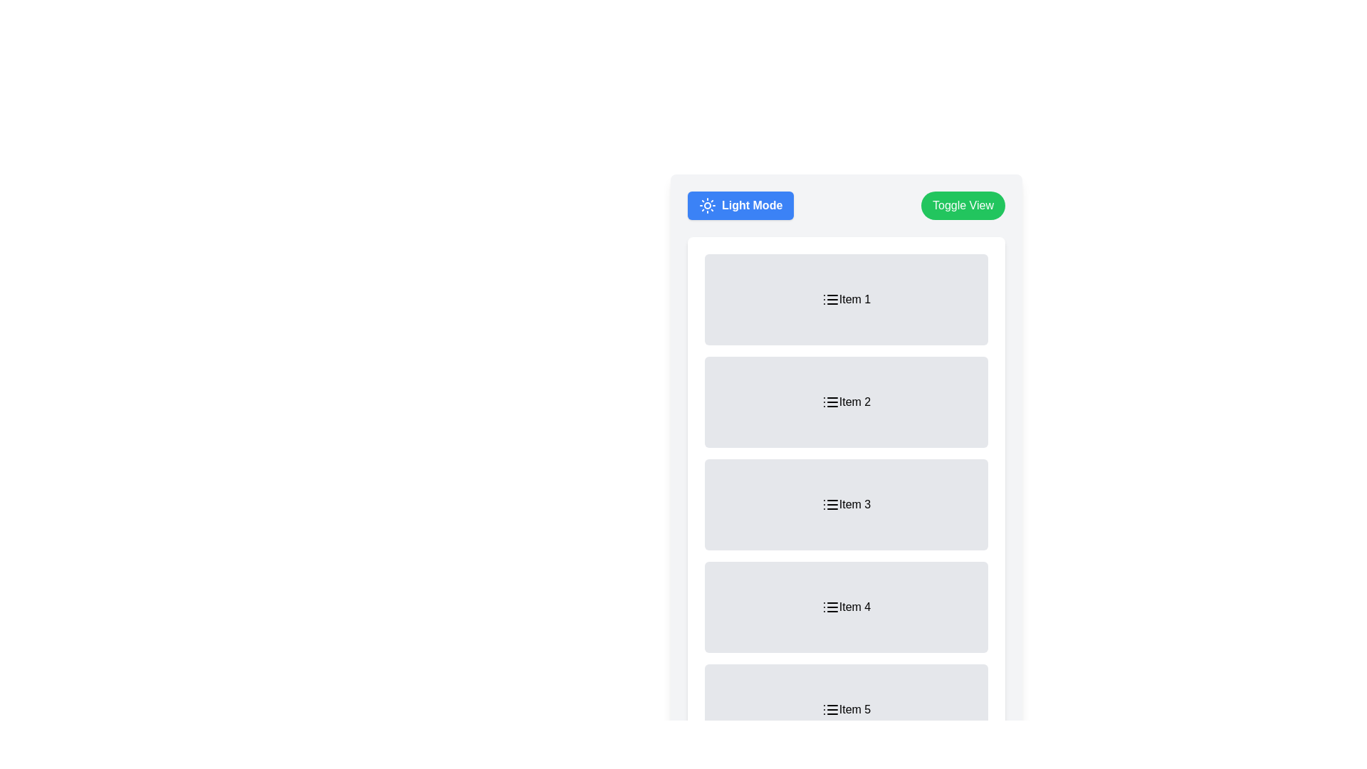 This screenshot has height=769, width=1367. I want to click on the rectangular block containing the text 'Item 2' with a light gray background and three horizontal lines icon above and below the text, so click(847, 402).